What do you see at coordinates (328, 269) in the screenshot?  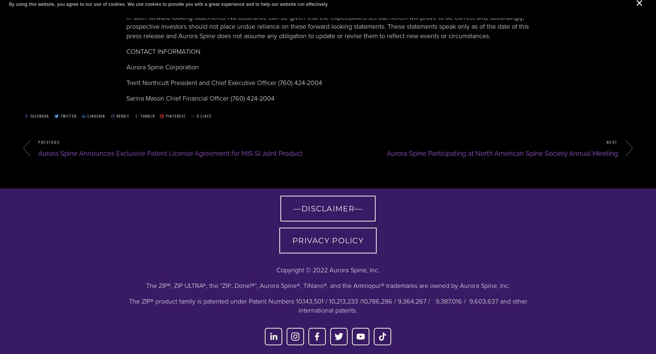 I see `'Copyright © 2022 Aurora Spine, Inc.'` at bounding box center [328, 269].